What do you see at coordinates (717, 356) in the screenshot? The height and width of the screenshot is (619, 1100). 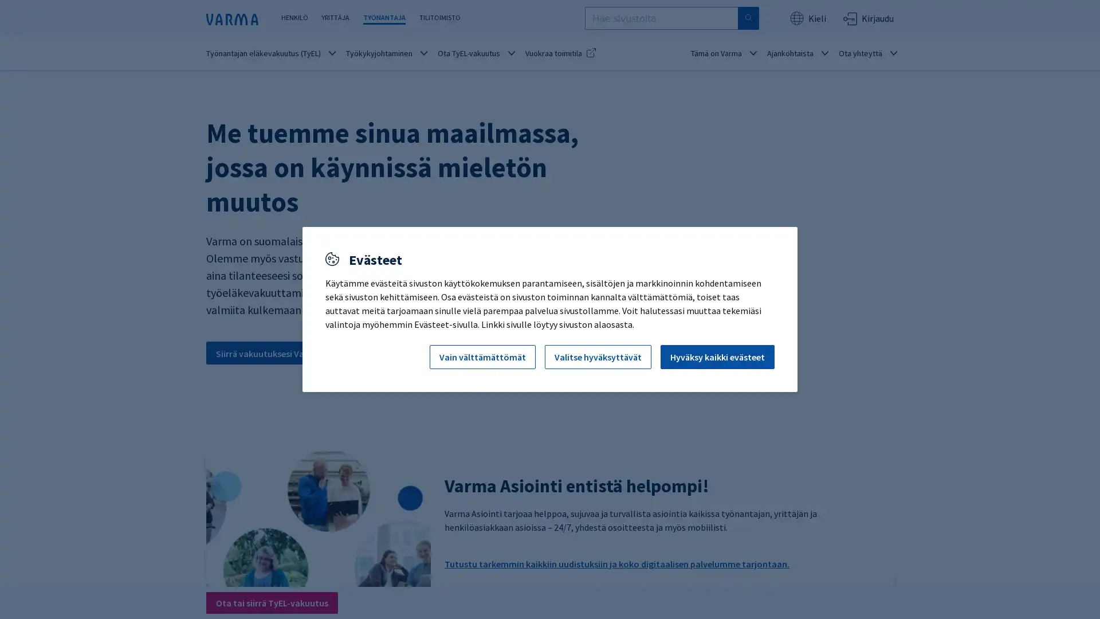 I see `Hyvaksy kaikki evasteet` at bounding box center [717, 356].